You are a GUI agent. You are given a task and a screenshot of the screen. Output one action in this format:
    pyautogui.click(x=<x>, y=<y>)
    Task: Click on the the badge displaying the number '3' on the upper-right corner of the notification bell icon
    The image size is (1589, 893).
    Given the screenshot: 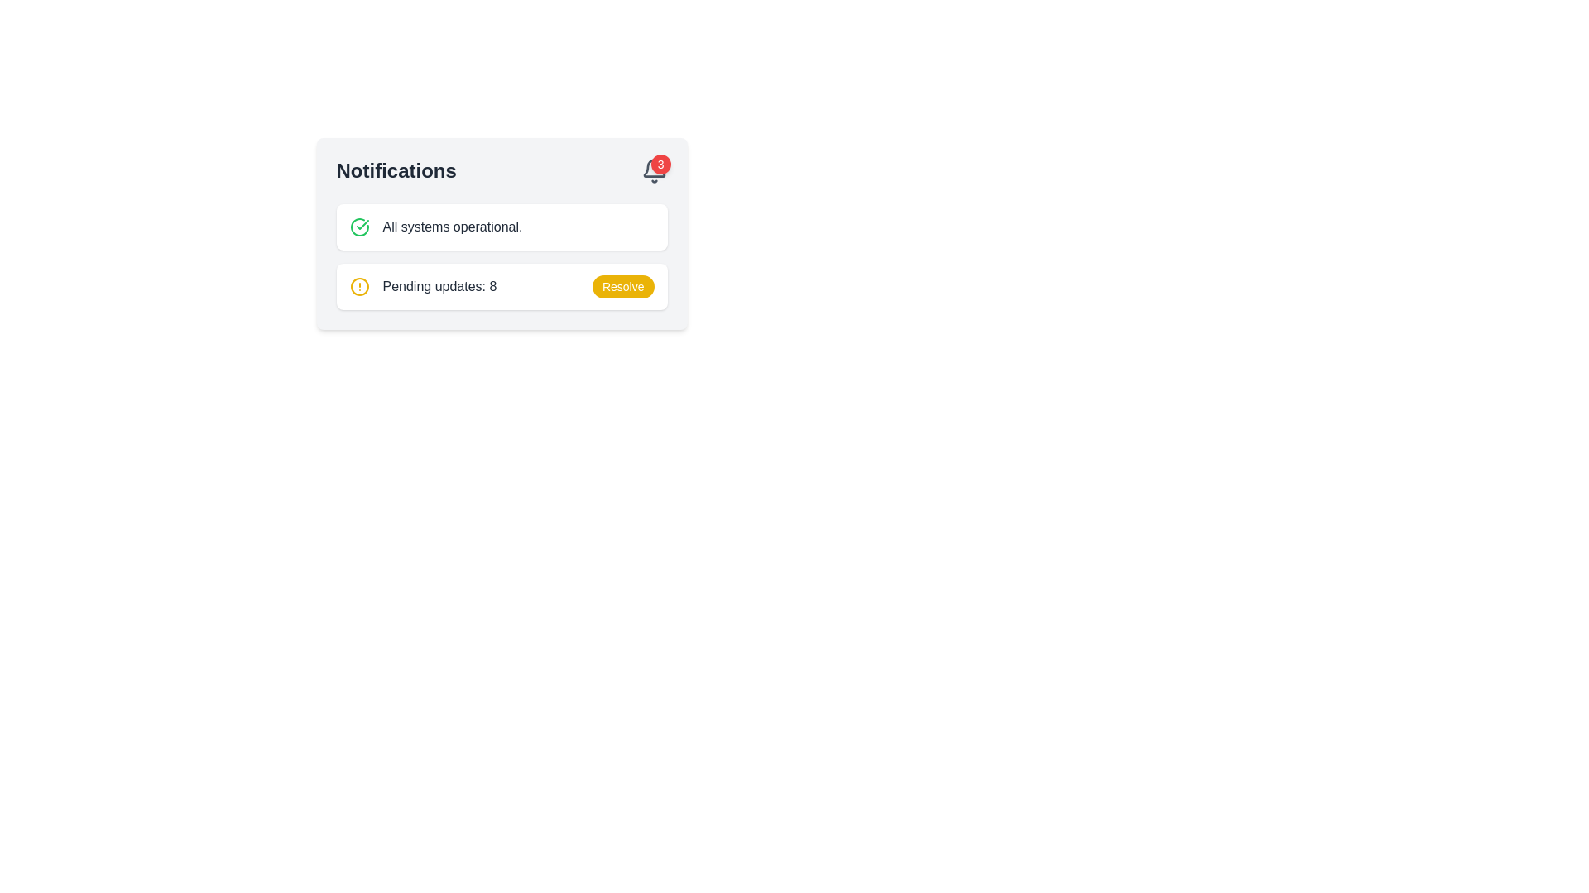 What is the action you would take?
    pyautogui.click(x=660, y=165)
    